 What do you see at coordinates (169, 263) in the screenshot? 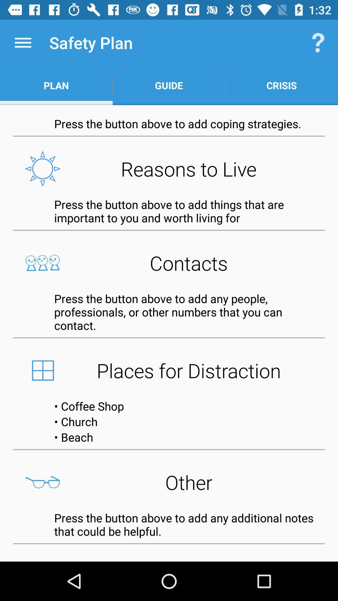
I see `item above the press the button icon` at bounding box center [169, 263].